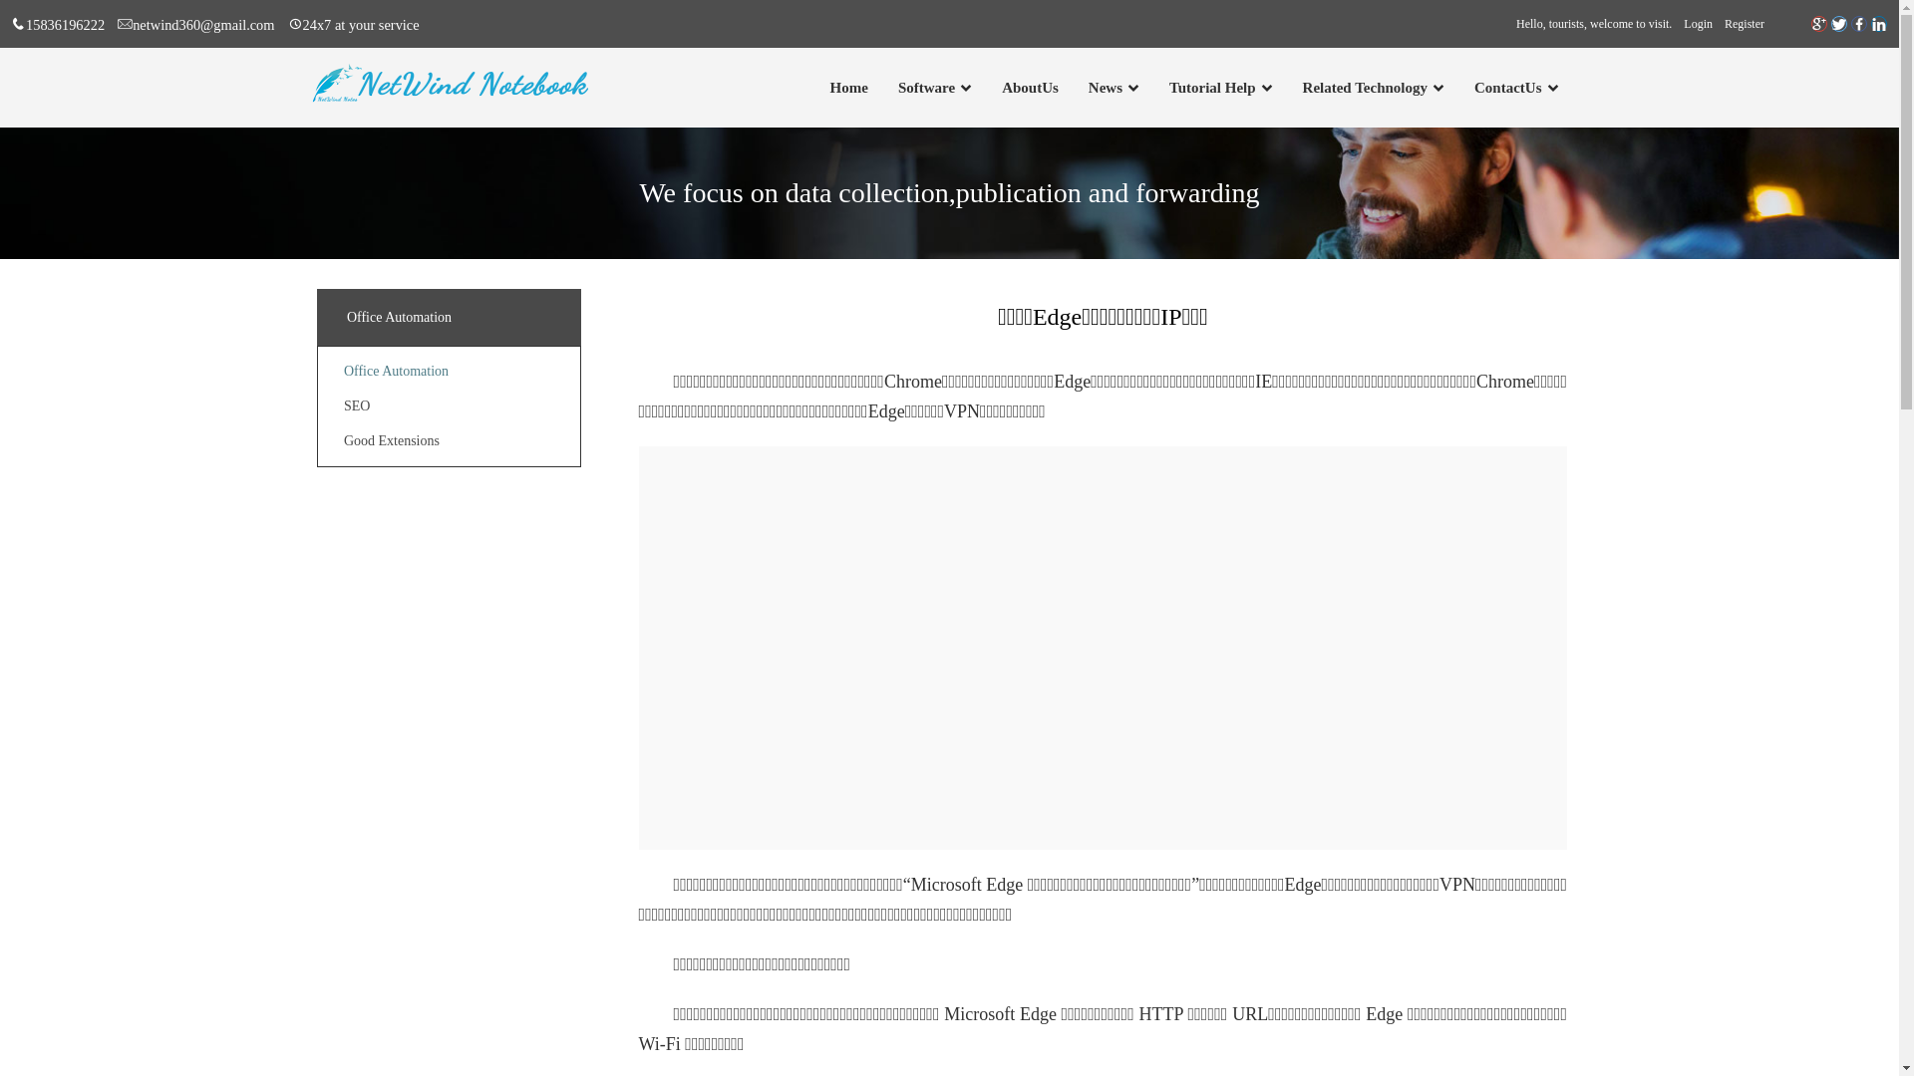  I want to click on 'Good Extensions', so click(392, 439).